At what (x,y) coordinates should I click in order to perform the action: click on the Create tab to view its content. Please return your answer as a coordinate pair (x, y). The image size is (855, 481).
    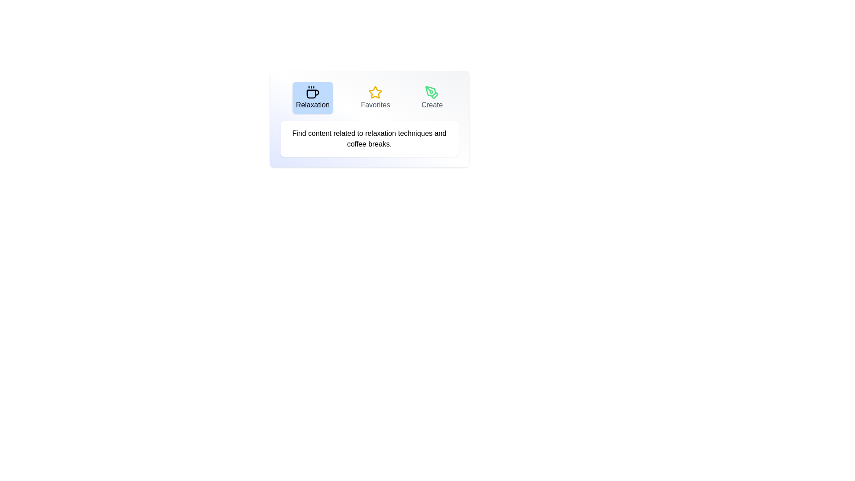
    Looking at the image, I should click on (432, 98).